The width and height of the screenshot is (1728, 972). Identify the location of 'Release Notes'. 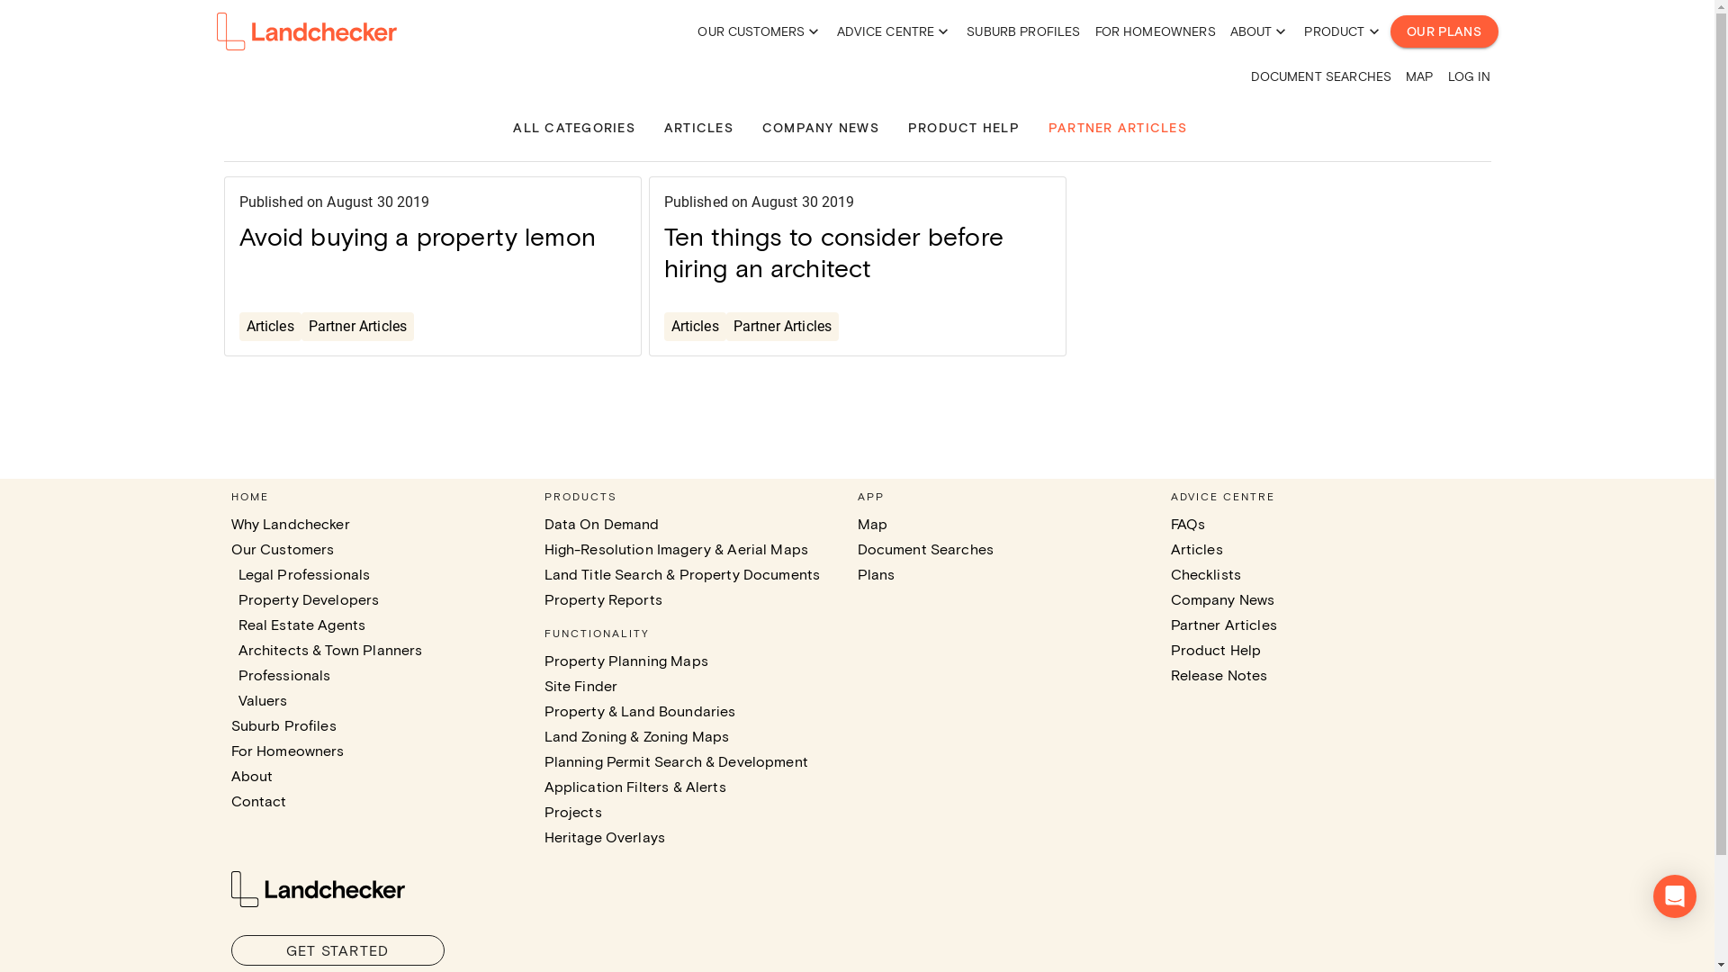
(1218, 675).